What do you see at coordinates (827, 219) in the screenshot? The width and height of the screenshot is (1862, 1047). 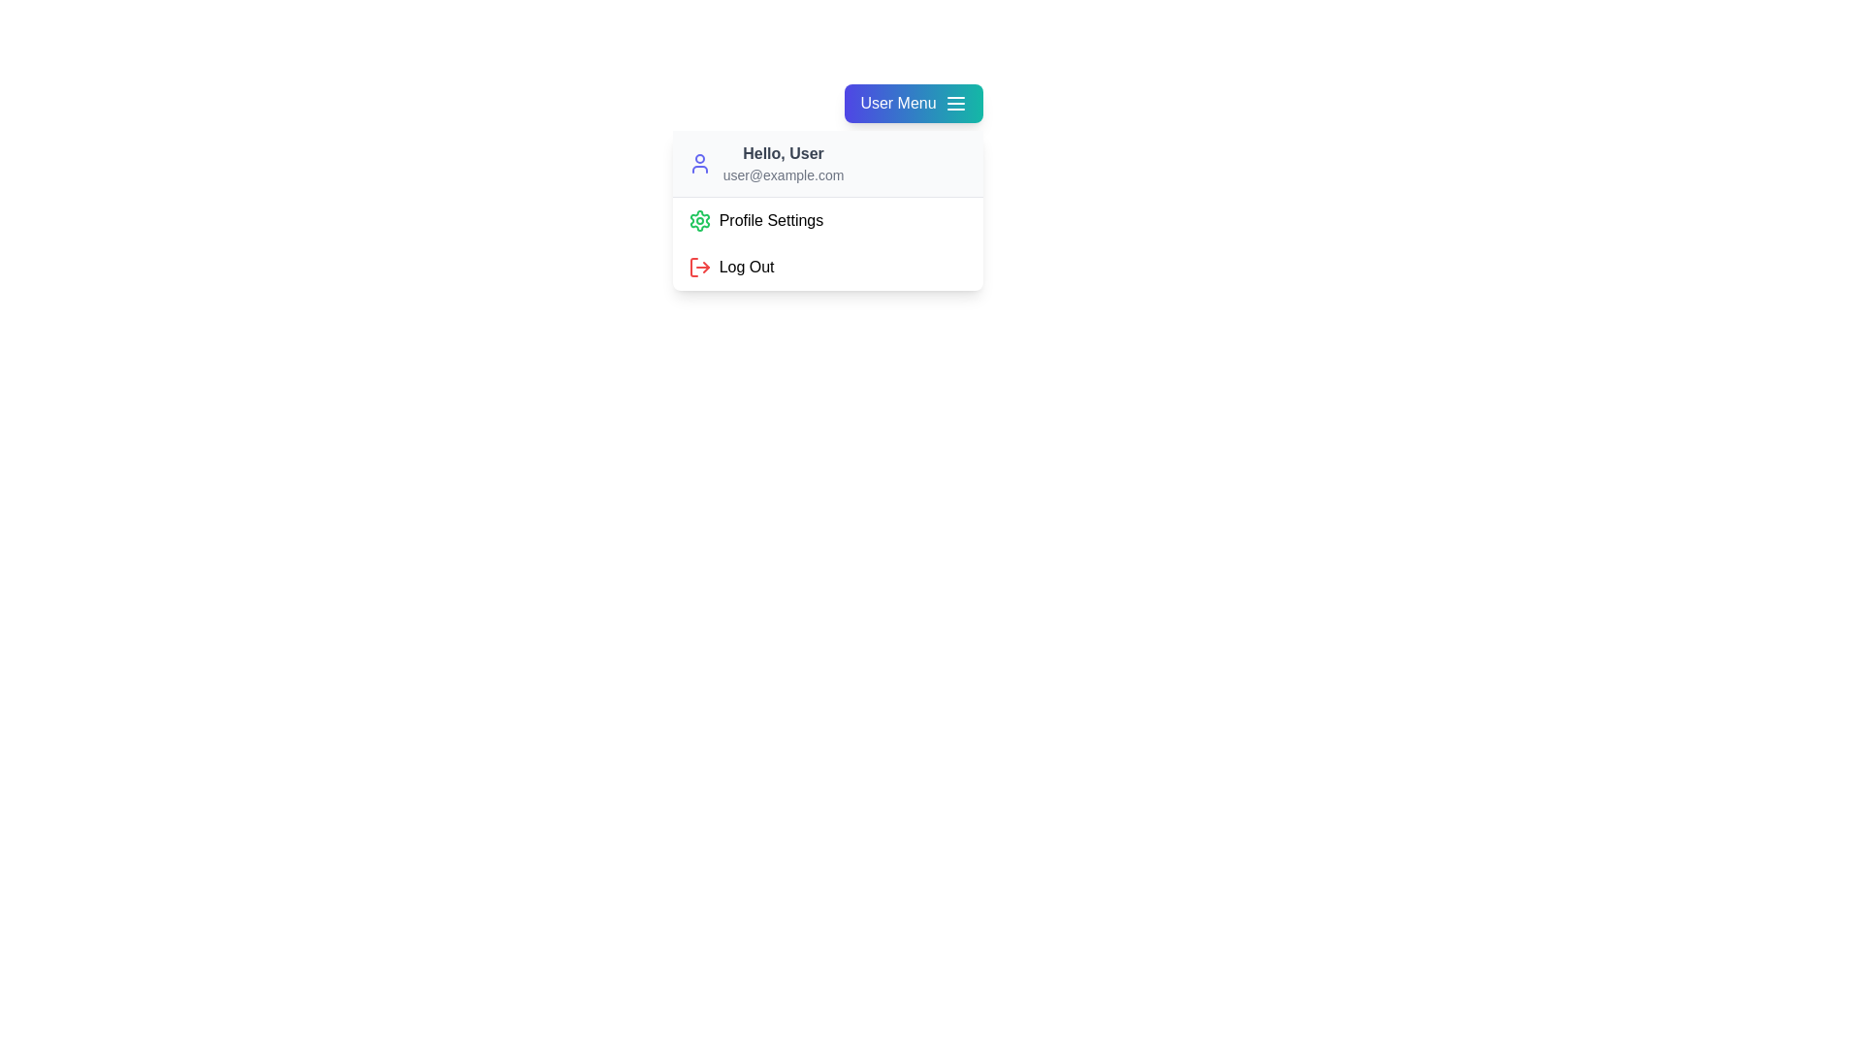 I see `the 'Profile Settings' option in the user menu` at bounding box center [827, 219].